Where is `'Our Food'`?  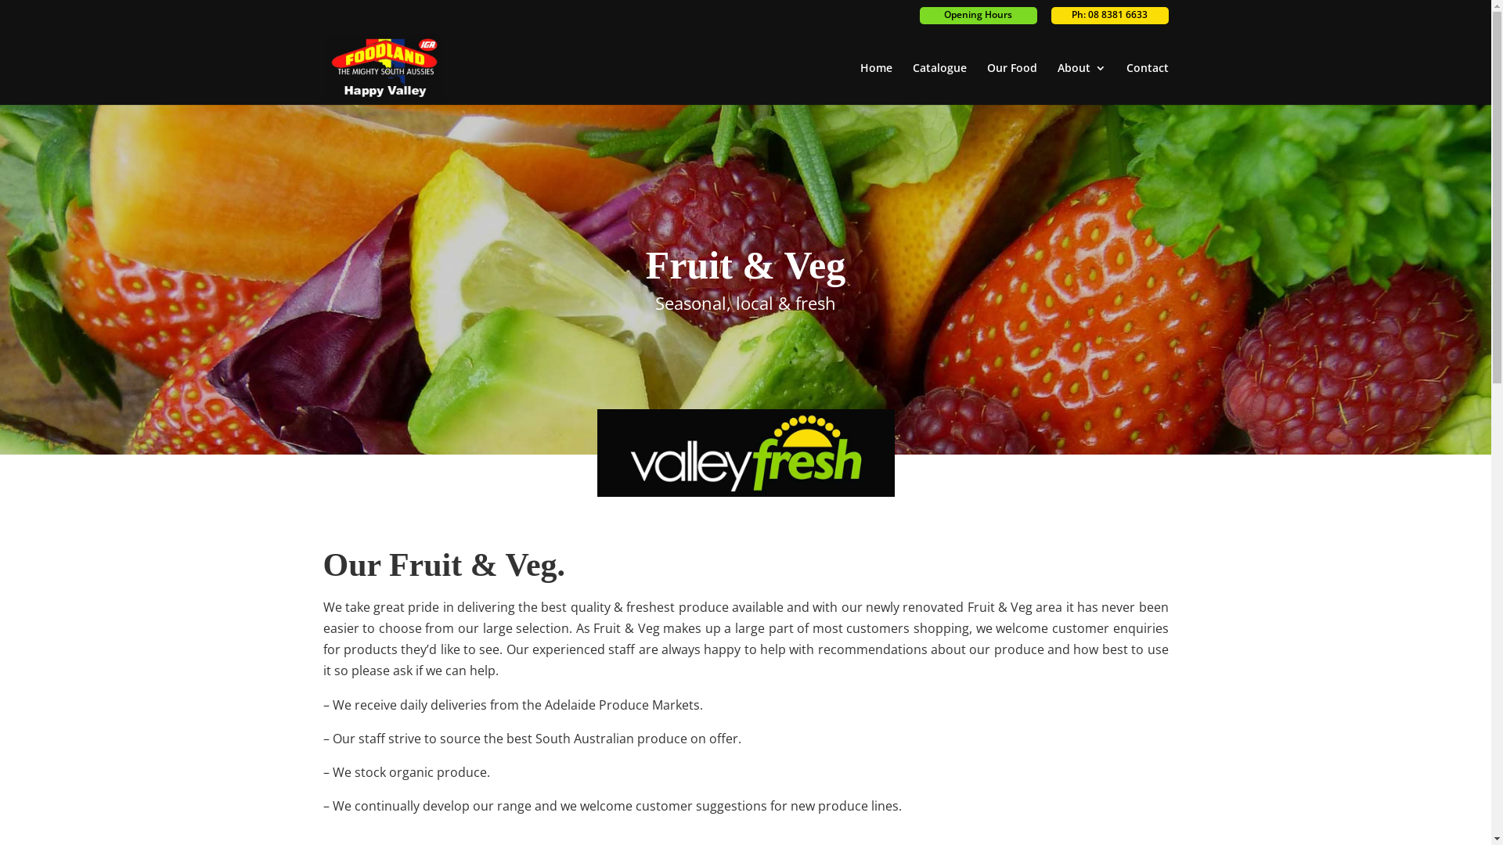 'Our Food' is located at coordinates (985, 84).